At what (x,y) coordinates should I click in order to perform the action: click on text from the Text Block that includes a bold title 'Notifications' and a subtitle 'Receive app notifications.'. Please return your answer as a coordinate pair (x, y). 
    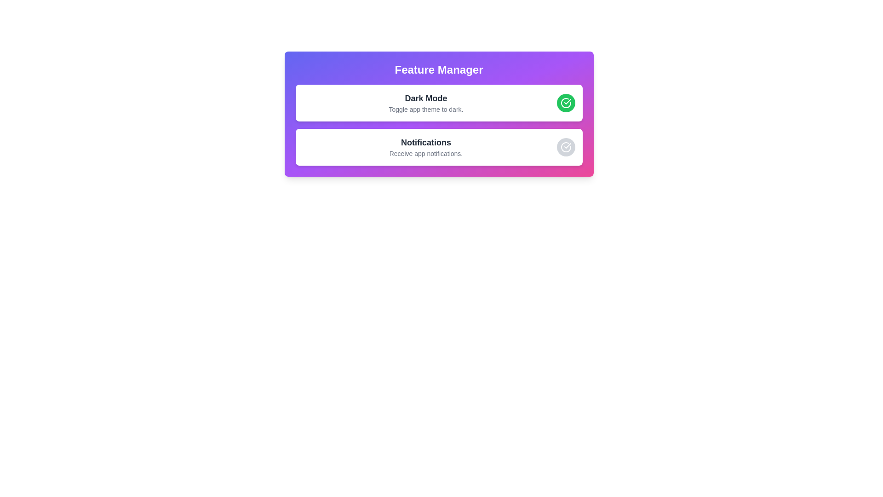
    Looking at the image, I should click on (425, 147).